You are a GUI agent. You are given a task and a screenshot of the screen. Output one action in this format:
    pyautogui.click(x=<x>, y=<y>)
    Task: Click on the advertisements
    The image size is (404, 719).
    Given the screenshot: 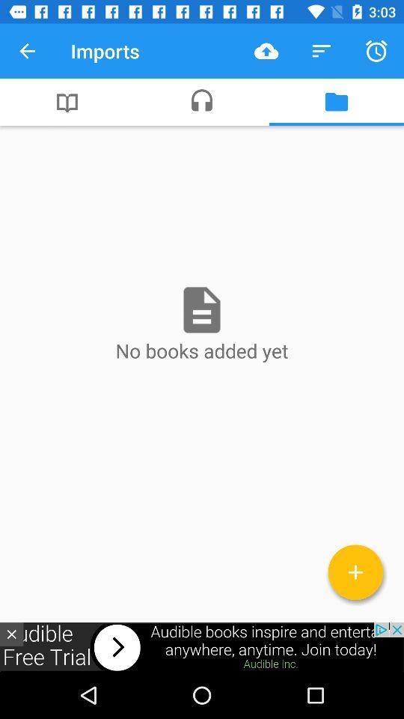 What is the action you would take?
    pyautogui.click(x=202, y=646)
    